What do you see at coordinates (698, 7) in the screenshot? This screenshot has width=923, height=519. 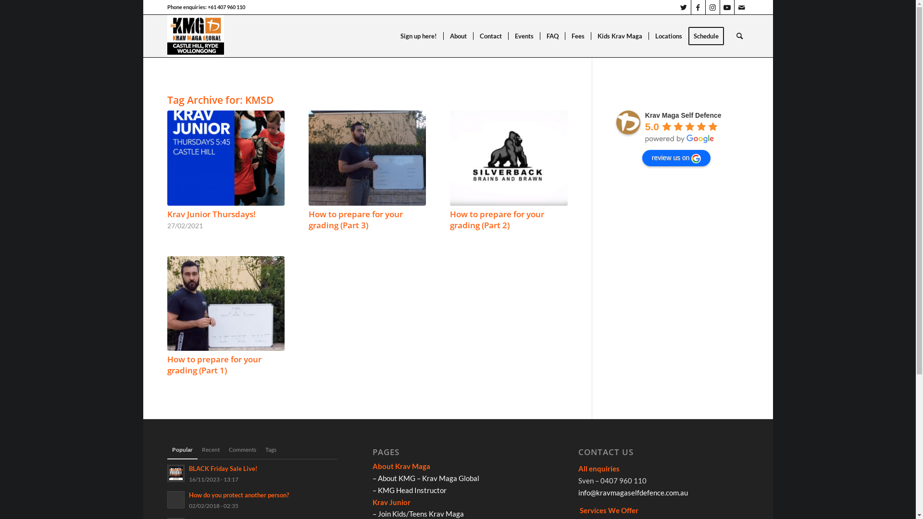 I see `'Facebook'` at bounding box center [698, 7].